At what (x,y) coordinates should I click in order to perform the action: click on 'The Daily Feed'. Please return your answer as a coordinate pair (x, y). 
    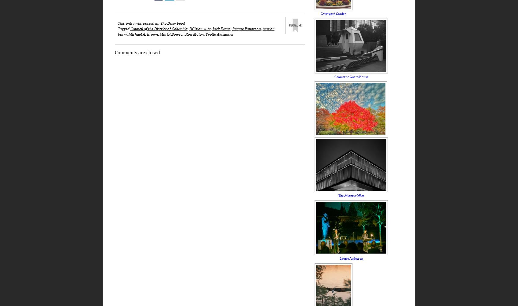
    Looking at the image, I should click on (172, 23).